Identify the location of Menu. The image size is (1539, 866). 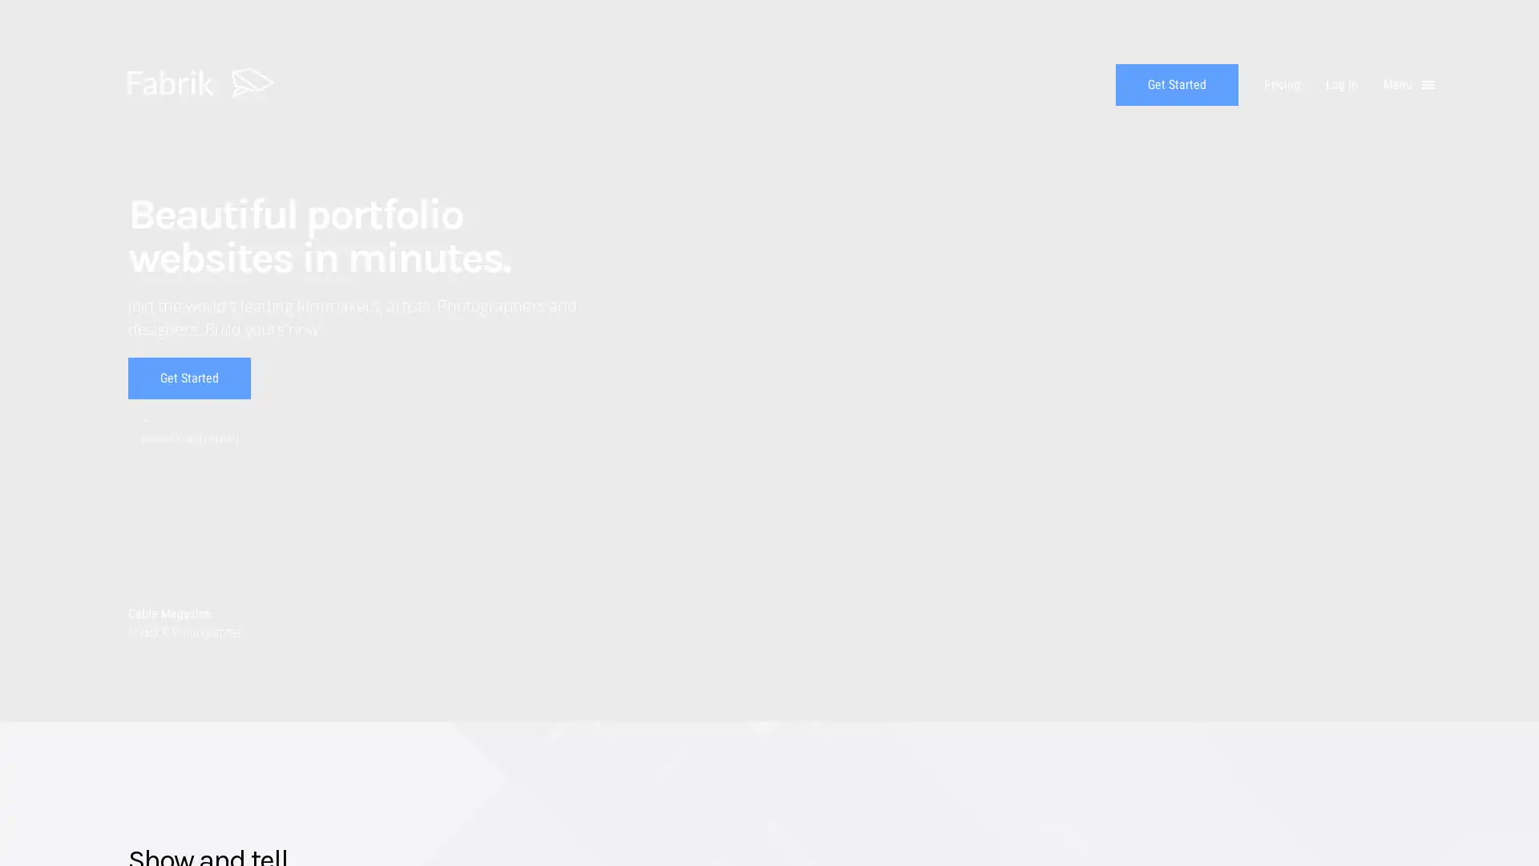
(1399, 84).